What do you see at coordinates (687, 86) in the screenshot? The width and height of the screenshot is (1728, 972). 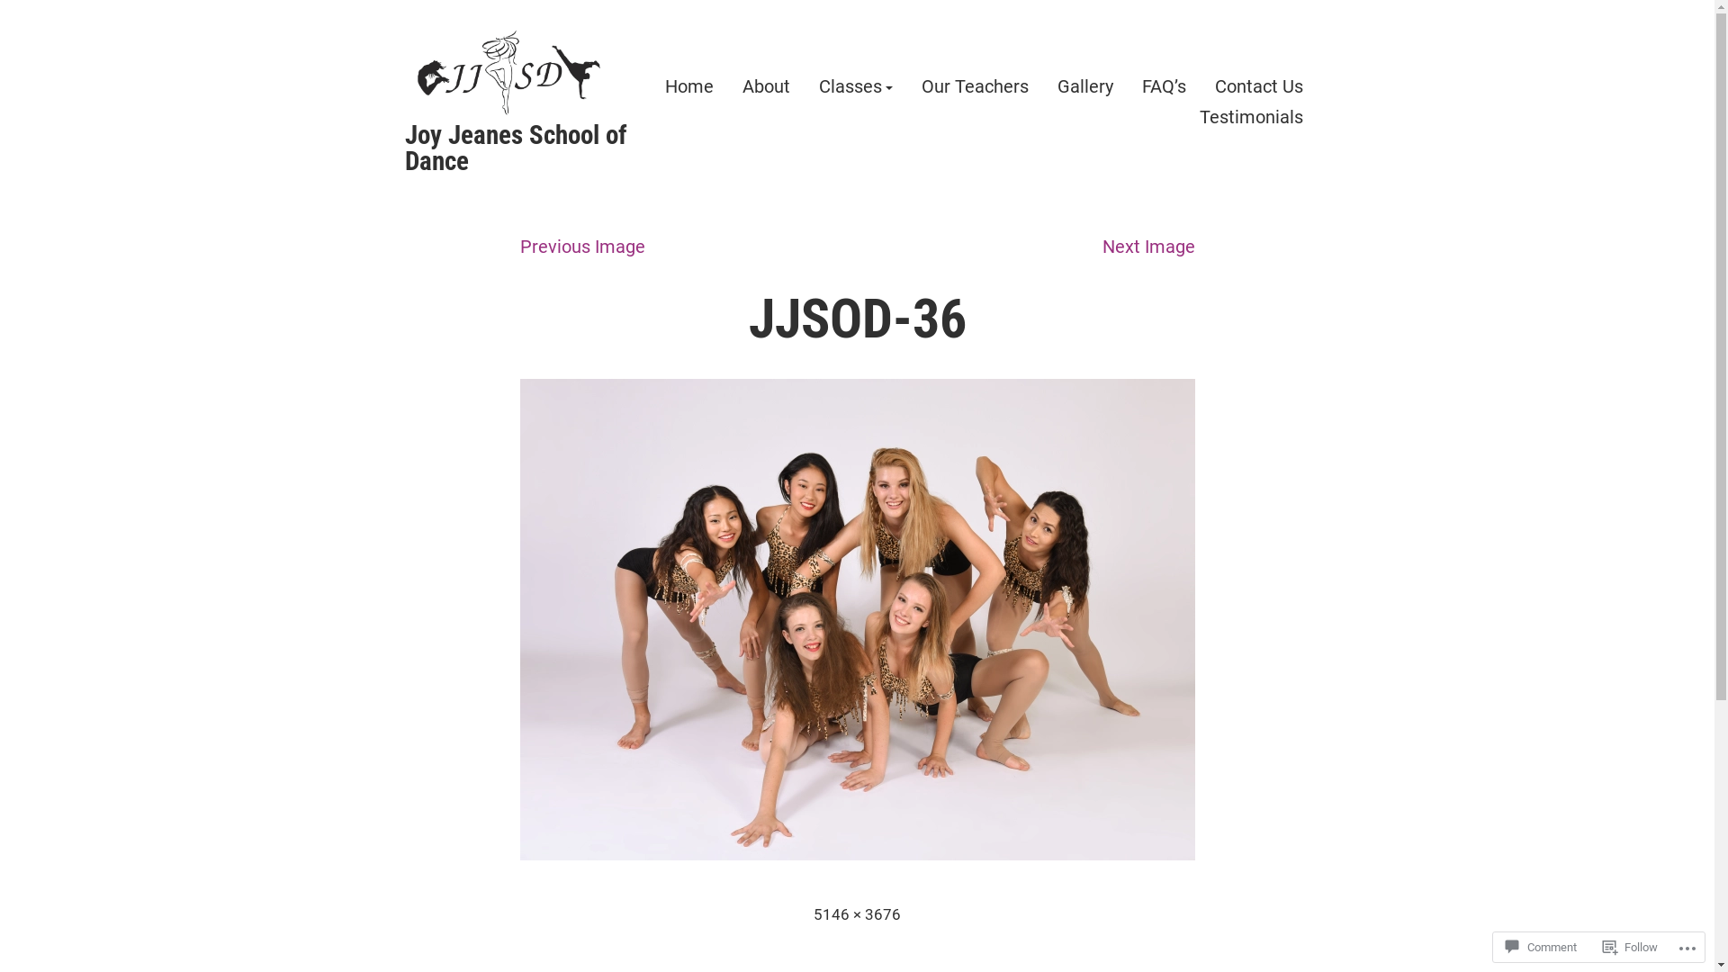 I see `'Home'` at bounding box center [687, 86].